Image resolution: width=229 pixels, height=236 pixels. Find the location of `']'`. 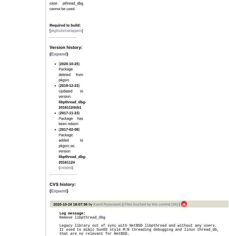

']' is located at coordinates (82, 30).